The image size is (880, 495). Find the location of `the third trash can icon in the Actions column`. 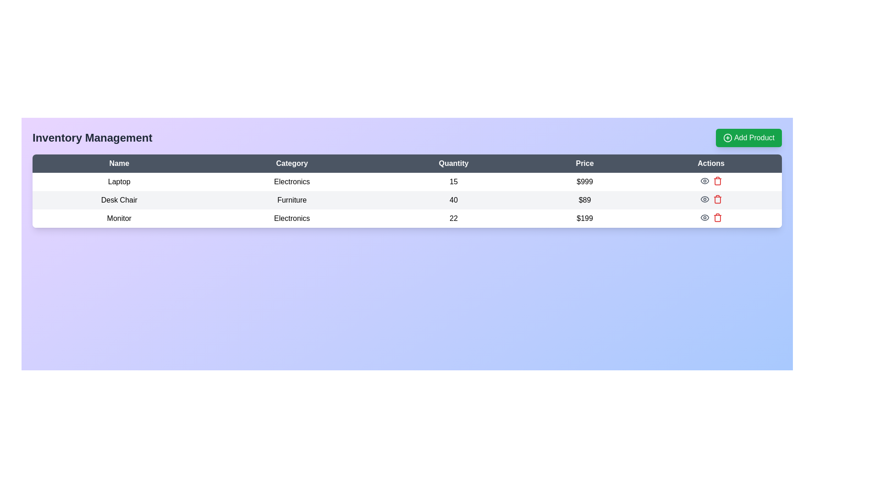

the third trash can icon in the Actions column is located at coordinates (717, 218).